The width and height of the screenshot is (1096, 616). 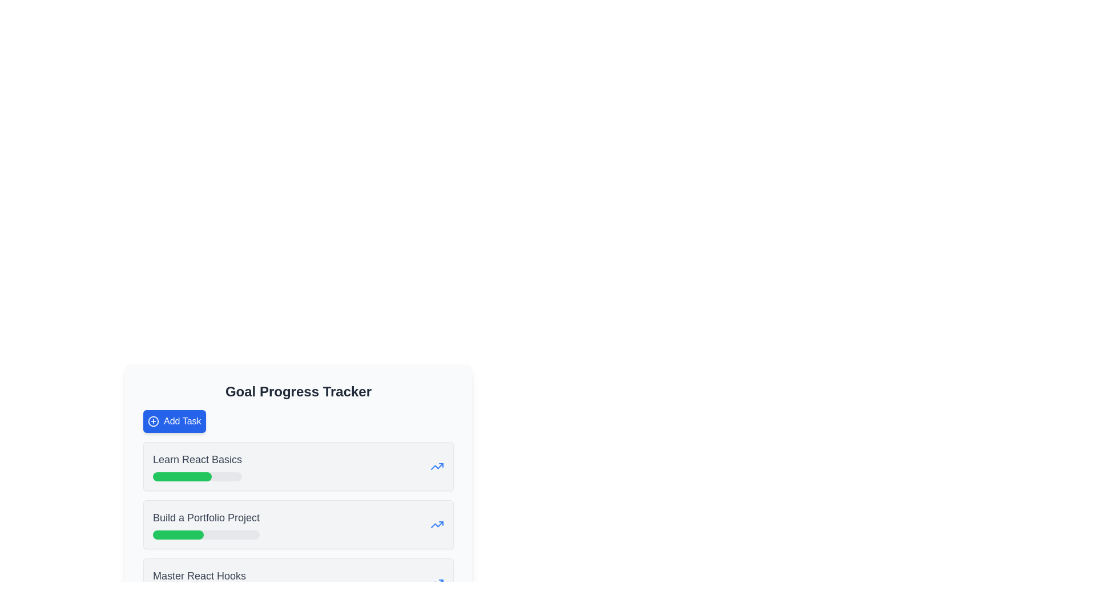 What do you see at coordinates (152, 422) in the screenshot?
I see `the '+' icon enclosed within a circle, which has a blue background and white stroke, located to the left of the 'Add Task' button text` at bounding box center [152, 422].